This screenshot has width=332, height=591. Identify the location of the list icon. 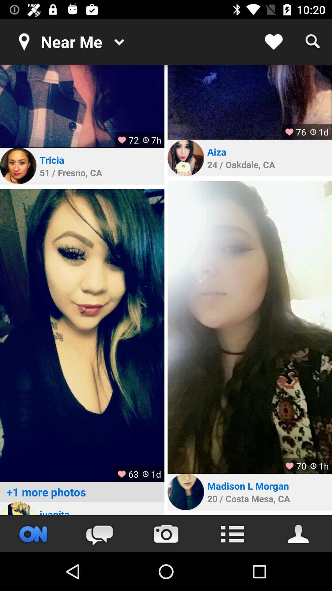
(232, 533).